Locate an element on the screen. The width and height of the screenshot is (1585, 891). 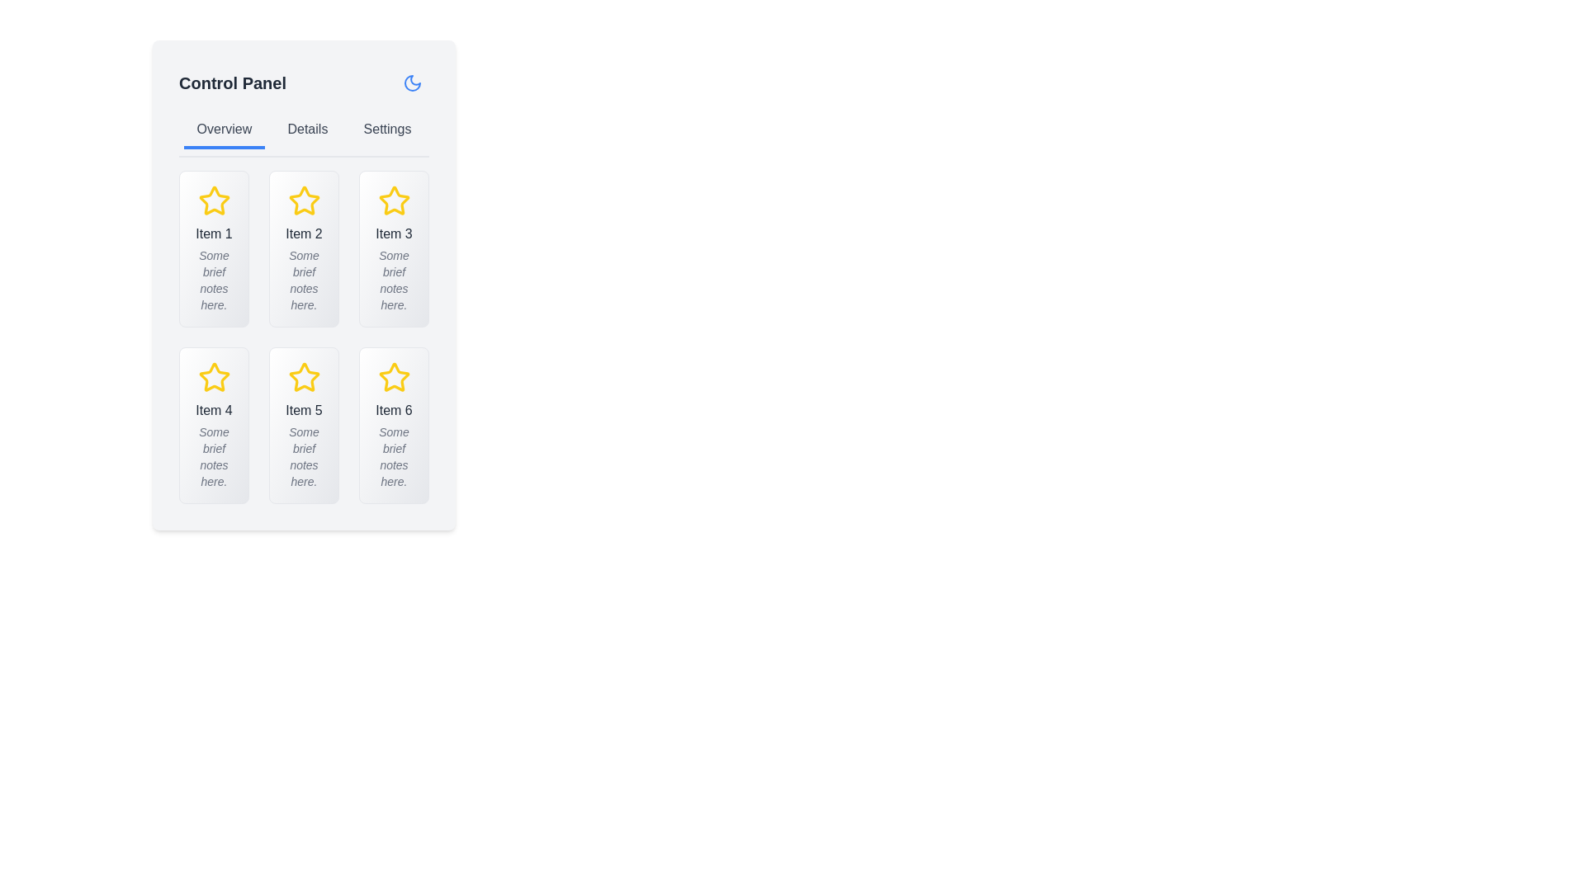
the star-shaped icon outlined in yellow, located above the text 'Item 2' in the second card from the left in the grid within the 'Overview' tab of the 'Control Panel' interface is located at coordinates (304, 200).